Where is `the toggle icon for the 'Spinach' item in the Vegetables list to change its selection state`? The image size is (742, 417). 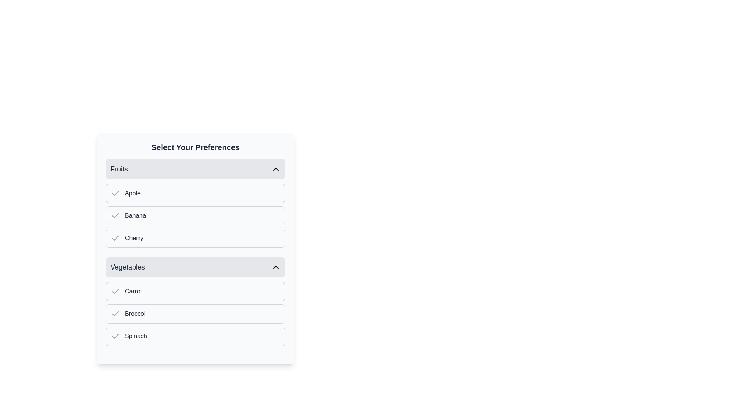 the toggle icon for the 'Spinach' item in the Vegetables list to change its selection state is located at coordinates (115, 336).